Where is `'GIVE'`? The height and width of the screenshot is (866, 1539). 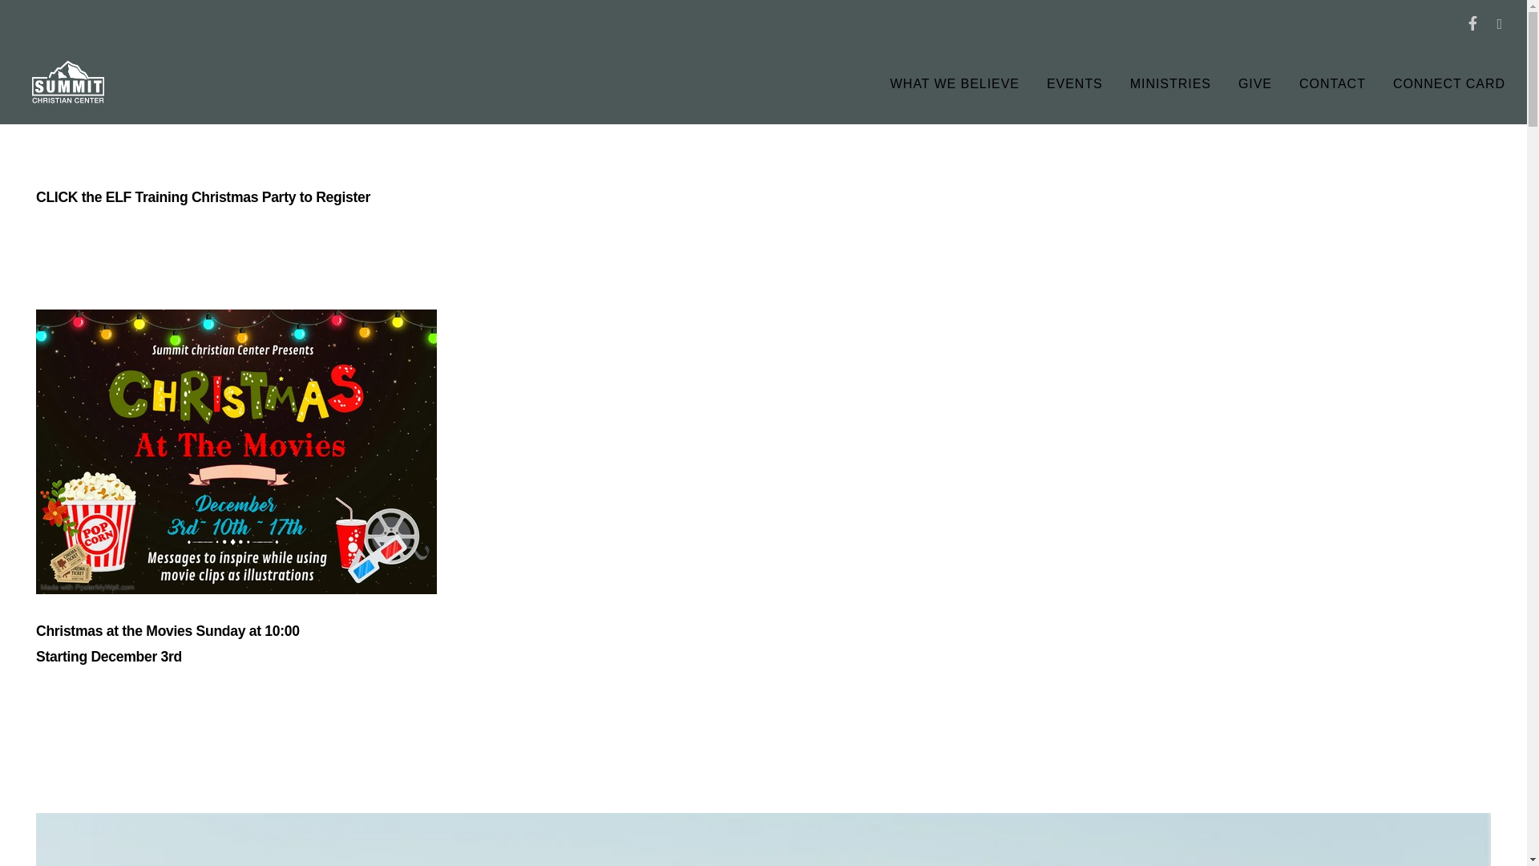 'GIVE' is located at coordinates (1254, 83).